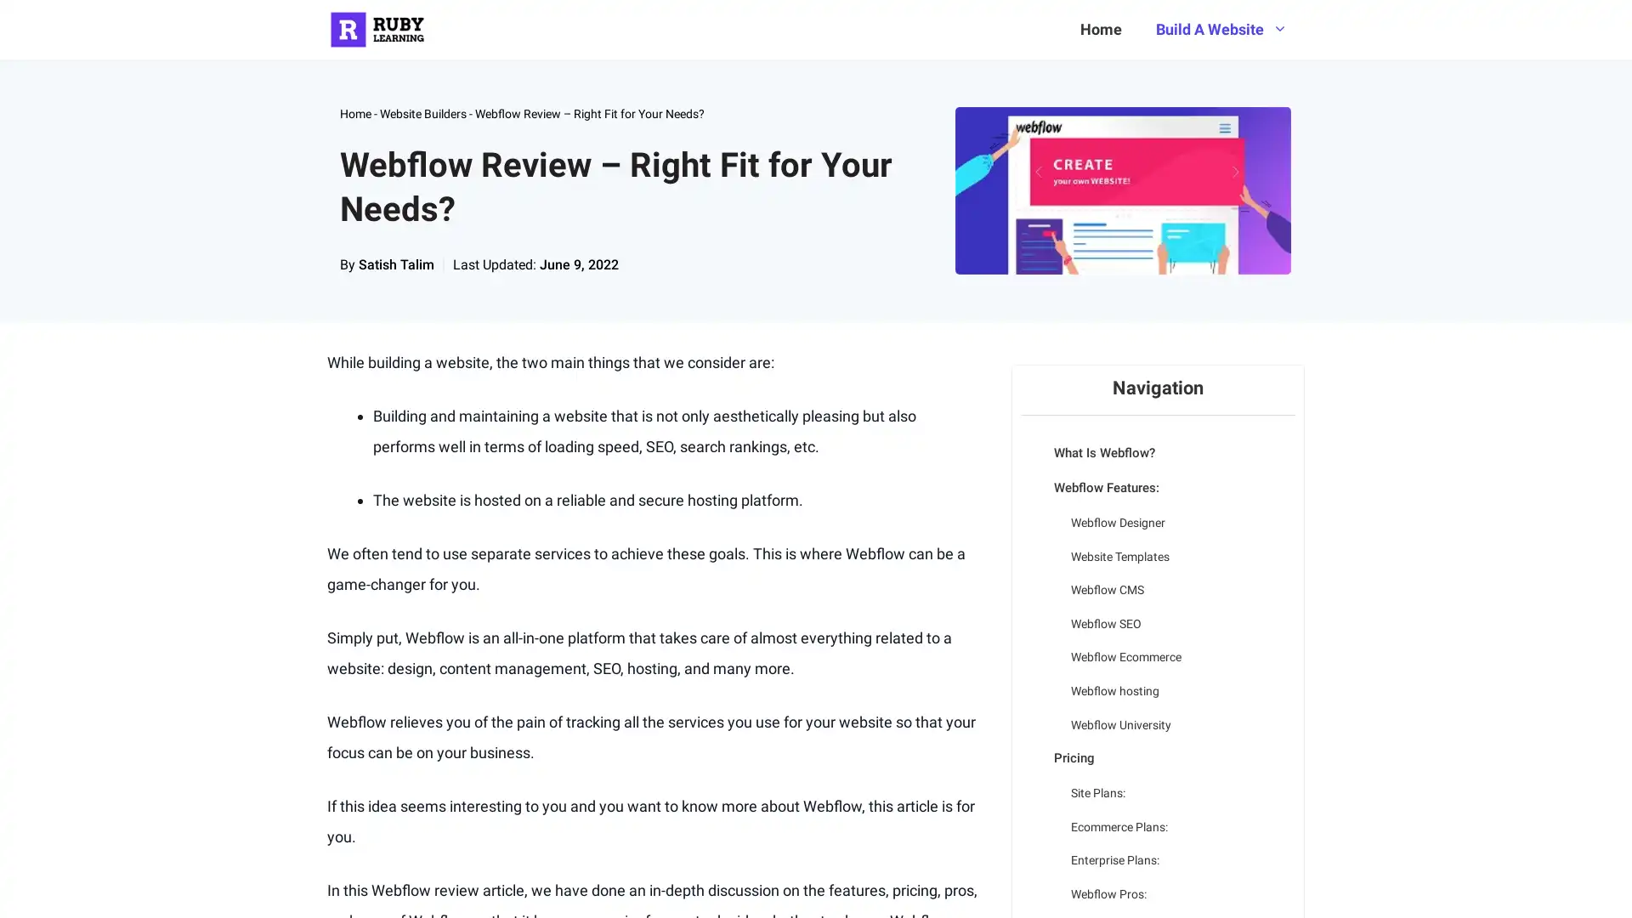 The width and height of the screenshot is (1632, 918). Describe the element at coordinates (1032, 745) in the screenshot. I see `Expand or collapse` at that location.